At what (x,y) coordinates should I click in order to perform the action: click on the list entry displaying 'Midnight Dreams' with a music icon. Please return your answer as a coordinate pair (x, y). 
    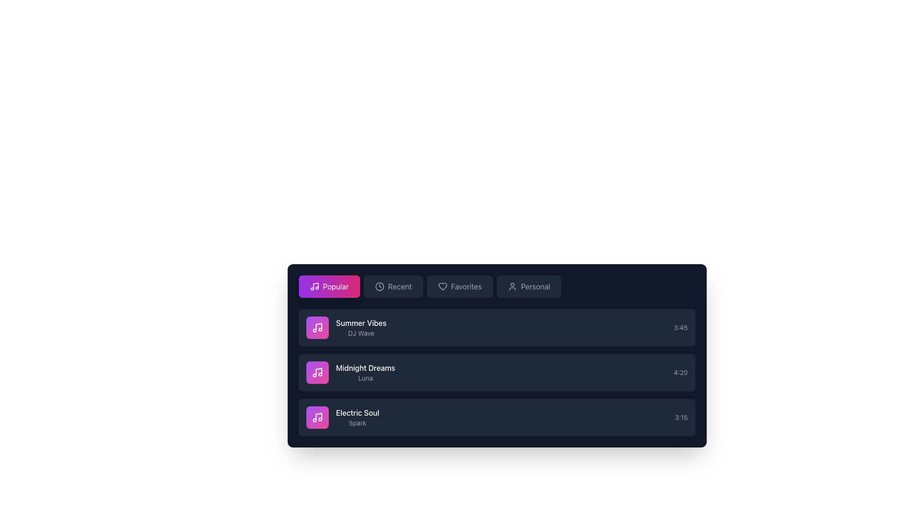
    Looking at the image, I should click on (350, 372).